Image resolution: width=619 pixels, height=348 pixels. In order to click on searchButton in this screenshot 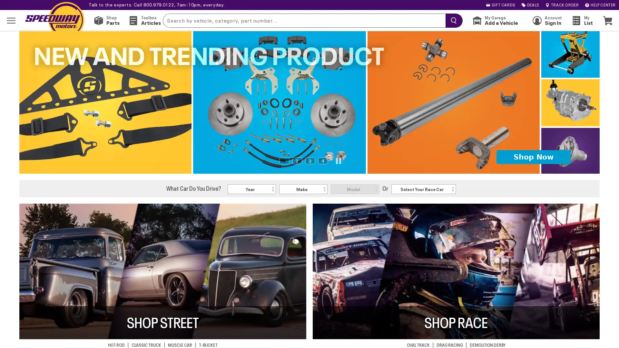, I will do `click(452, 20)`.